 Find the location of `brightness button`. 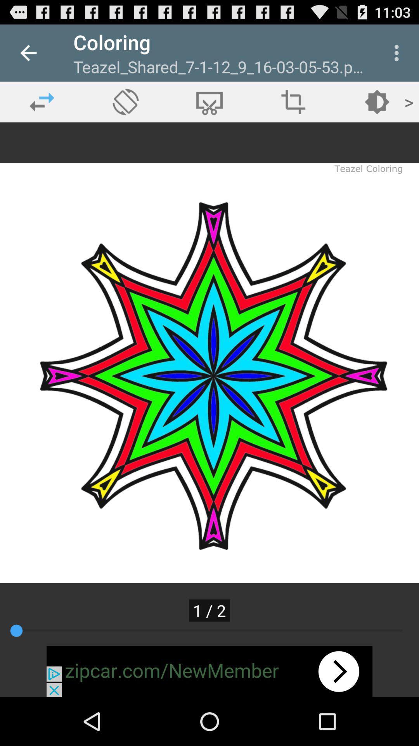

brightness button is located at coordinates (377, 101).